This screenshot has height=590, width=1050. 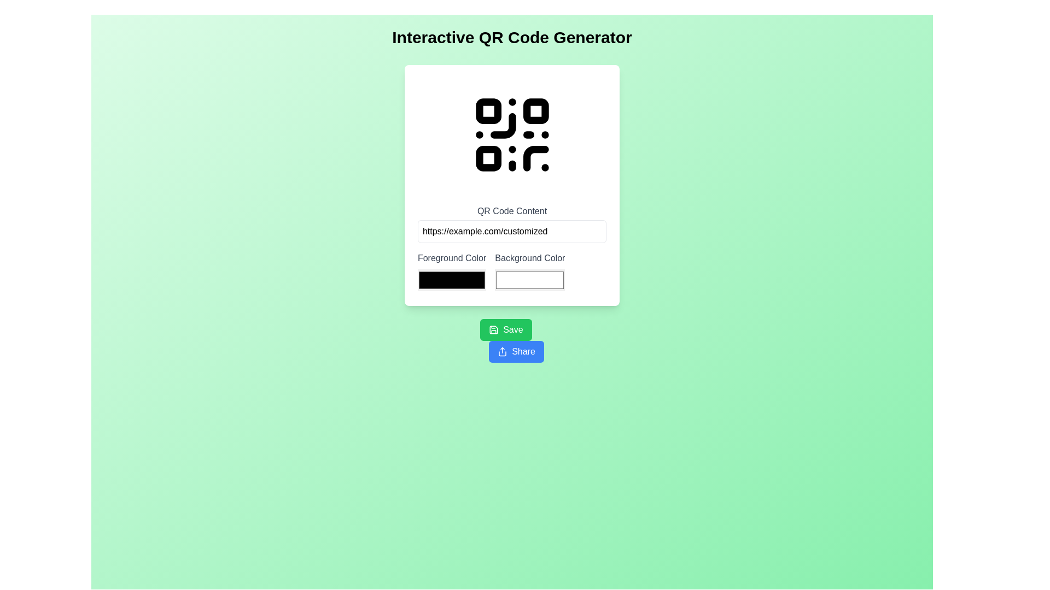 I want to click on the 'Background Color' text label displayed in light gray font, located above the color selection input field in the upper right section of the white configuration panel, so click(x=530, y=258).